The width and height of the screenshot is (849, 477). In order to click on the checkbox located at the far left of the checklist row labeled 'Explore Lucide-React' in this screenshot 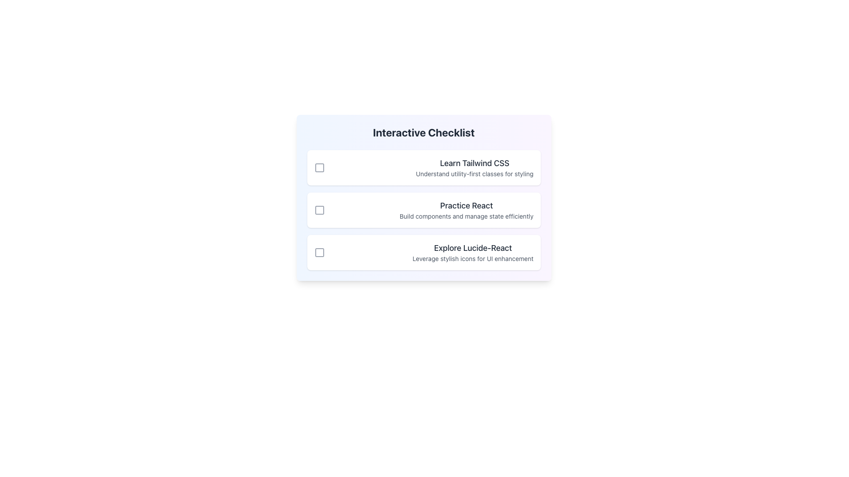, I will do `click(319, 252)`.